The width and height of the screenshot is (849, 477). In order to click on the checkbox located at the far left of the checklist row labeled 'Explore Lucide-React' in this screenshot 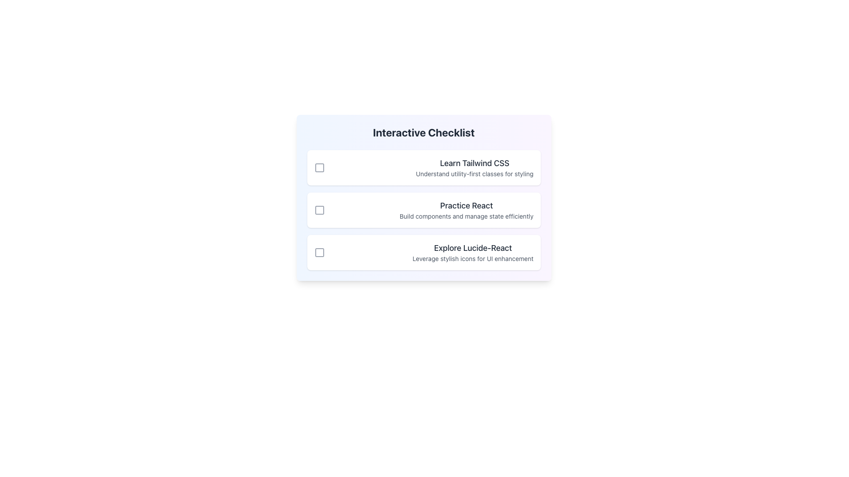, I will do `click(319, 252)`.